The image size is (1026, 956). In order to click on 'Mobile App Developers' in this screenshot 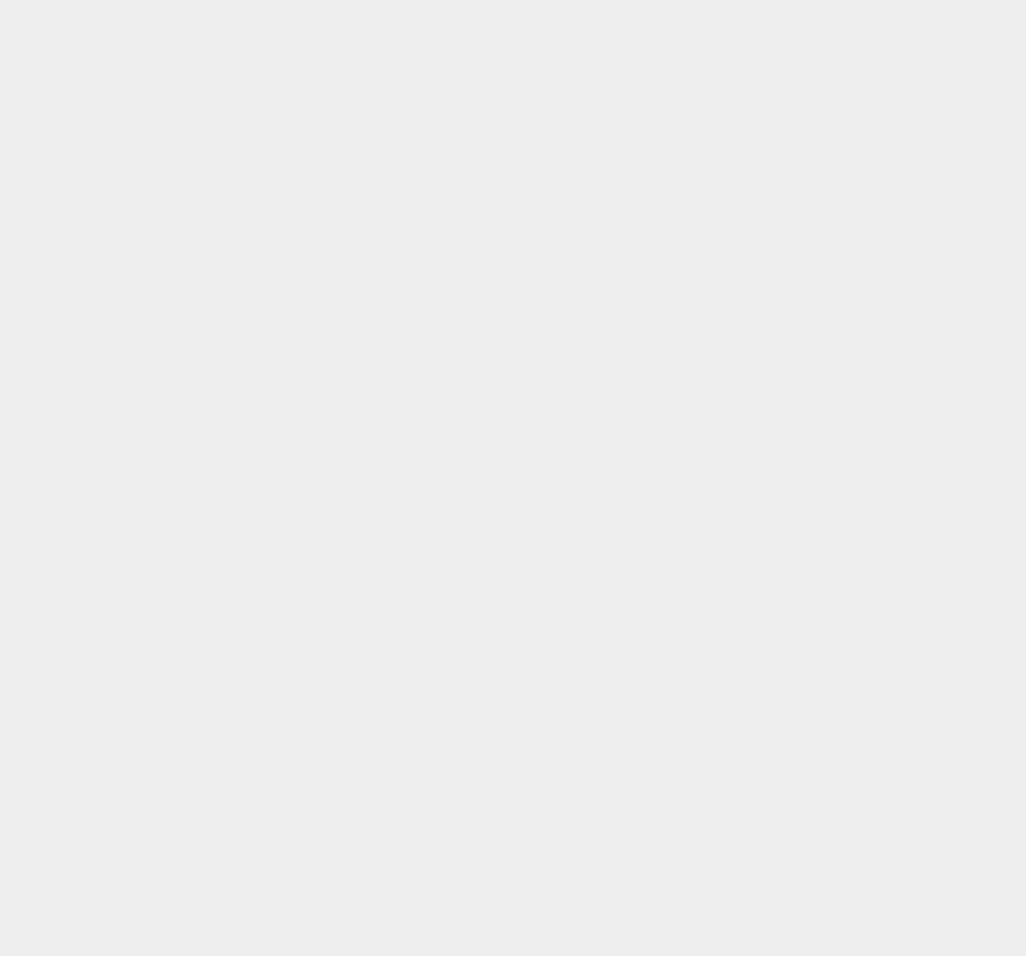, I will do `click(787, 346)`.